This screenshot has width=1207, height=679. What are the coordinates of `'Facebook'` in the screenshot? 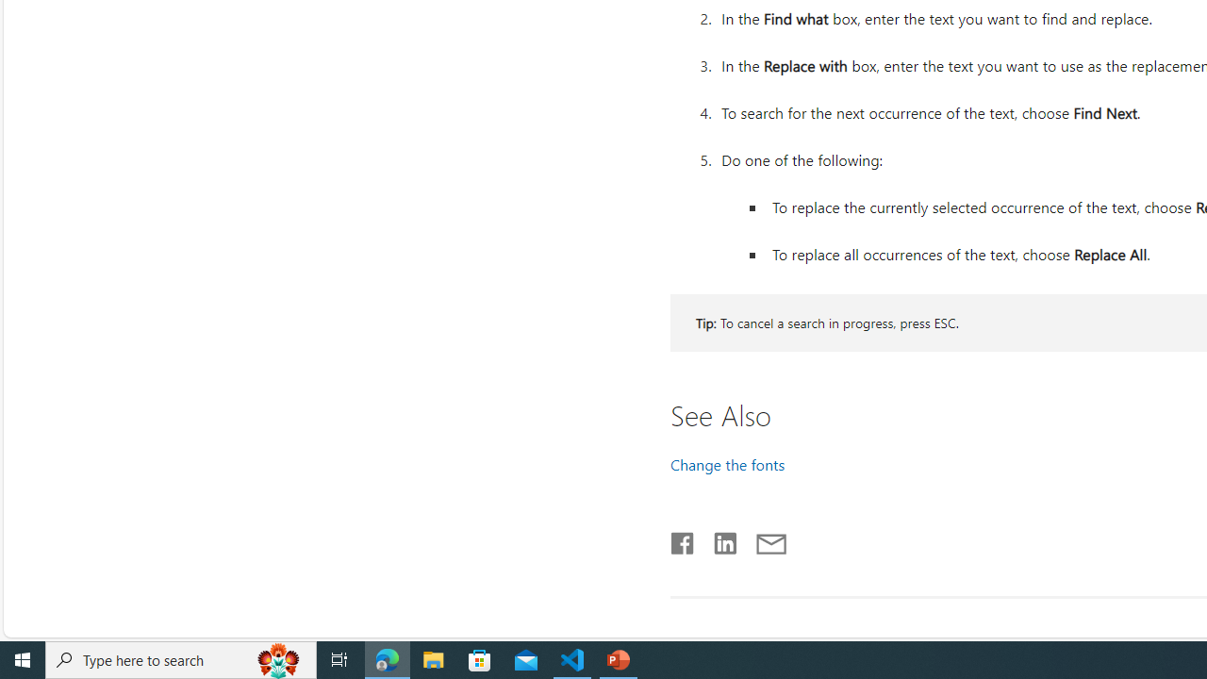 It's located at (681, 539).